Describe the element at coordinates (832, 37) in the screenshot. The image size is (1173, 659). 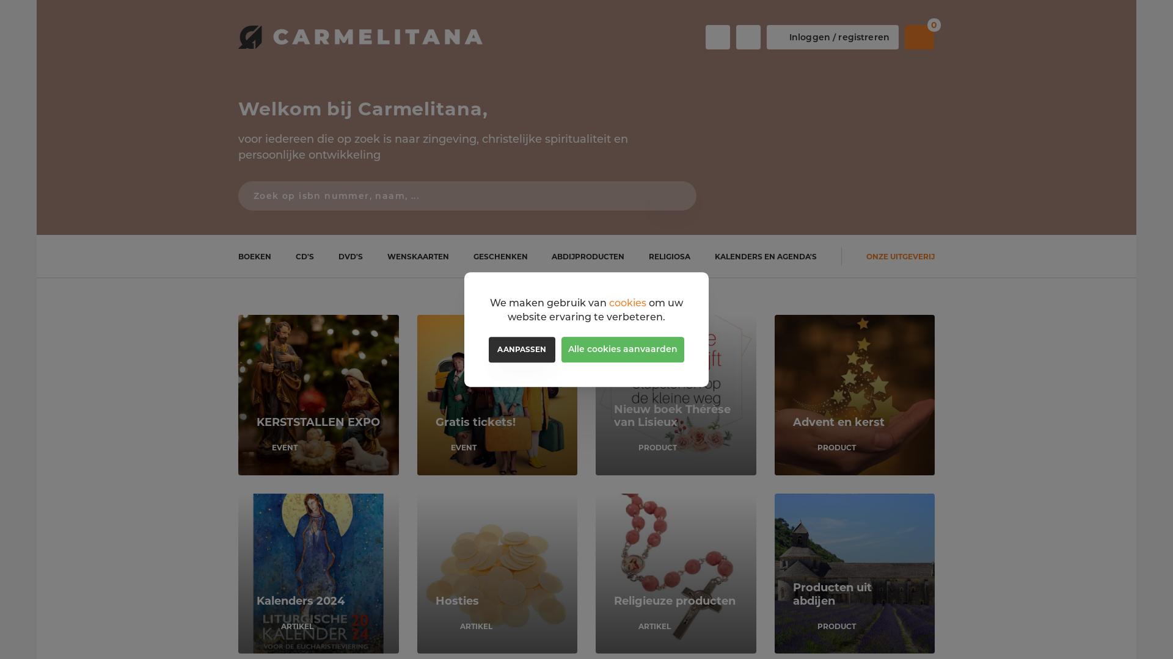
I see `'Inloggen / registreren'` at that location.